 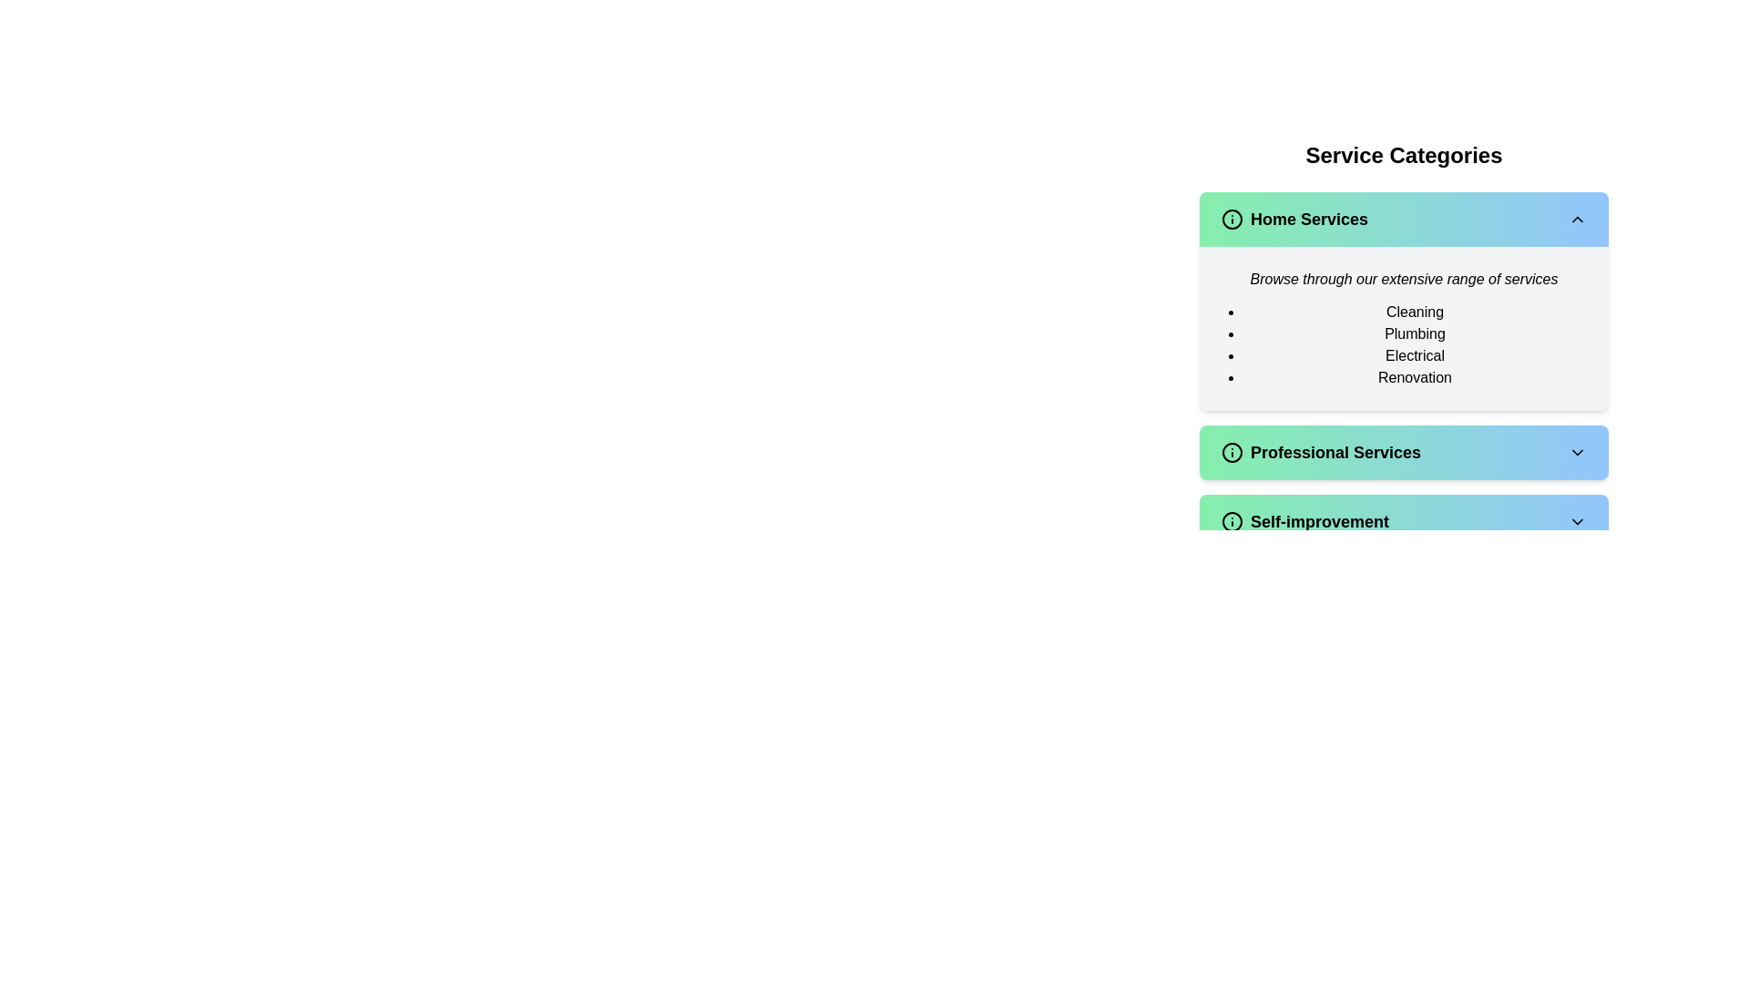 I want to click on the 'Plumbing' category label or link, so click(x=1414, y=333).